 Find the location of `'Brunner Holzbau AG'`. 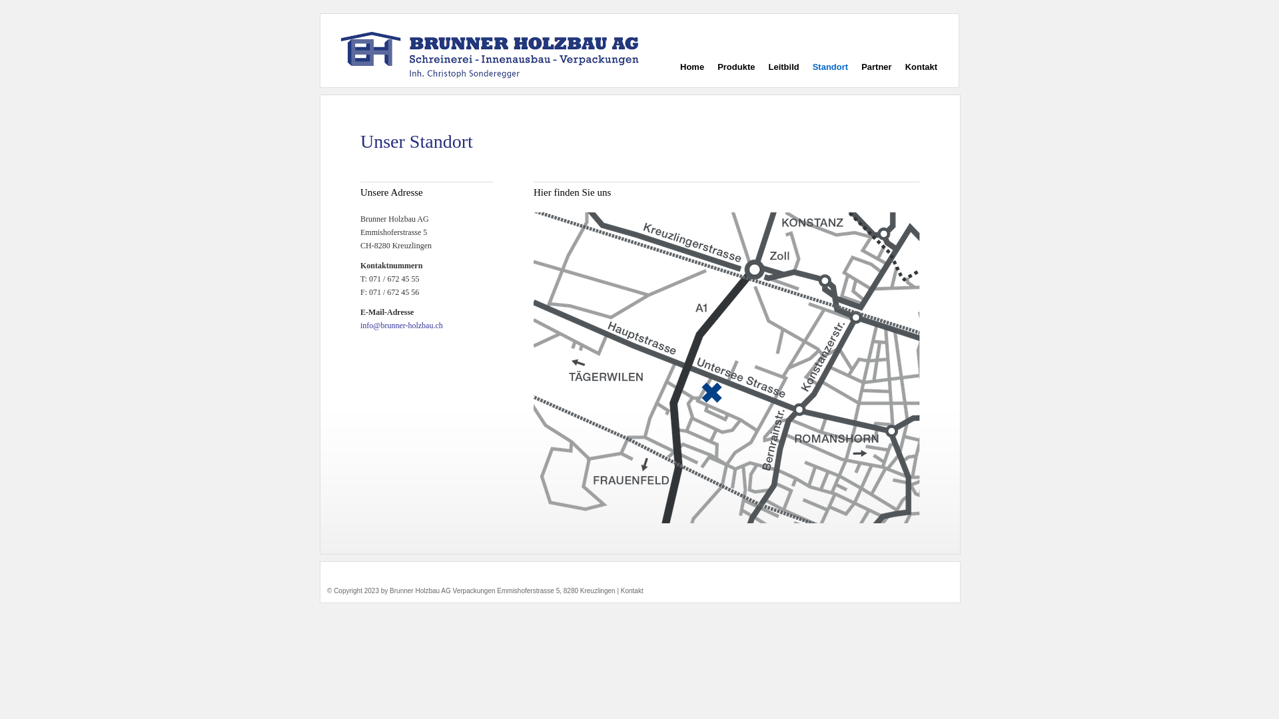

'Brunner Holzbau AG' is located at coordinates (340, 55).